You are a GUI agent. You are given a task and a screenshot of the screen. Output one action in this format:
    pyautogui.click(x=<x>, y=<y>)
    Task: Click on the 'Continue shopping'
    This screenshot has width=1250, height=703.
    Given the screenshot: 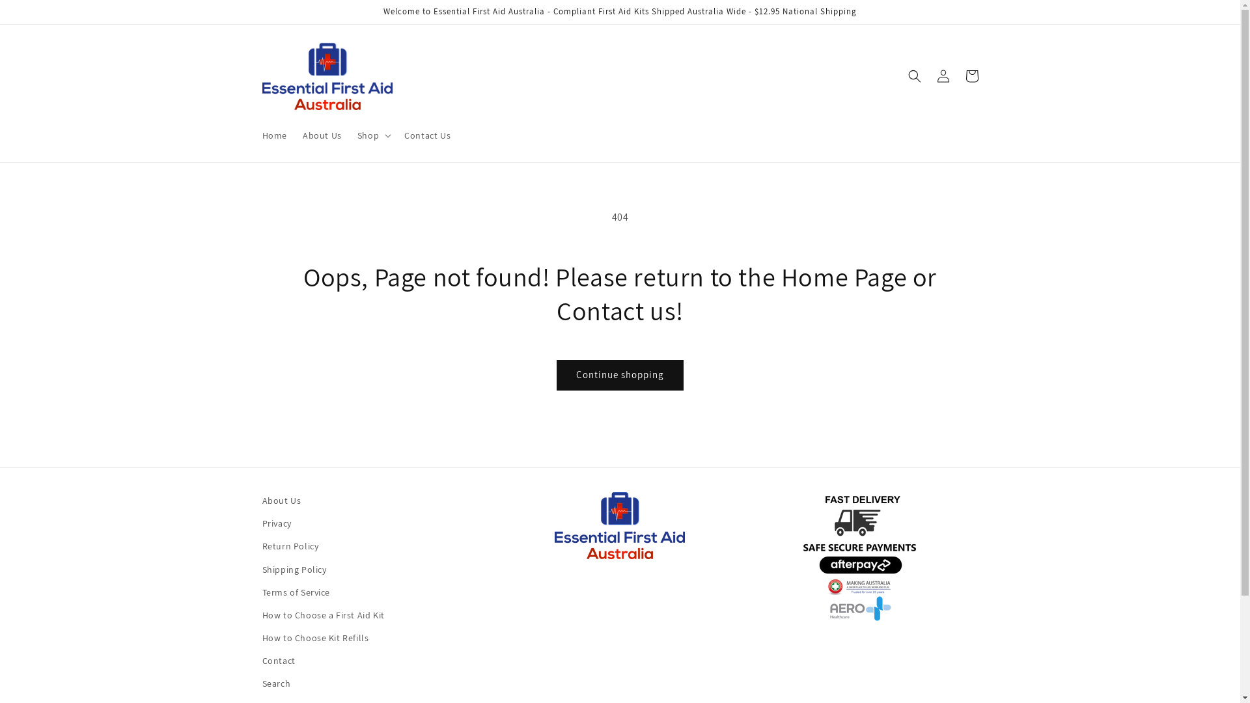 What is the action you would take?
    pyautogui.click(x=619, y=375)
    